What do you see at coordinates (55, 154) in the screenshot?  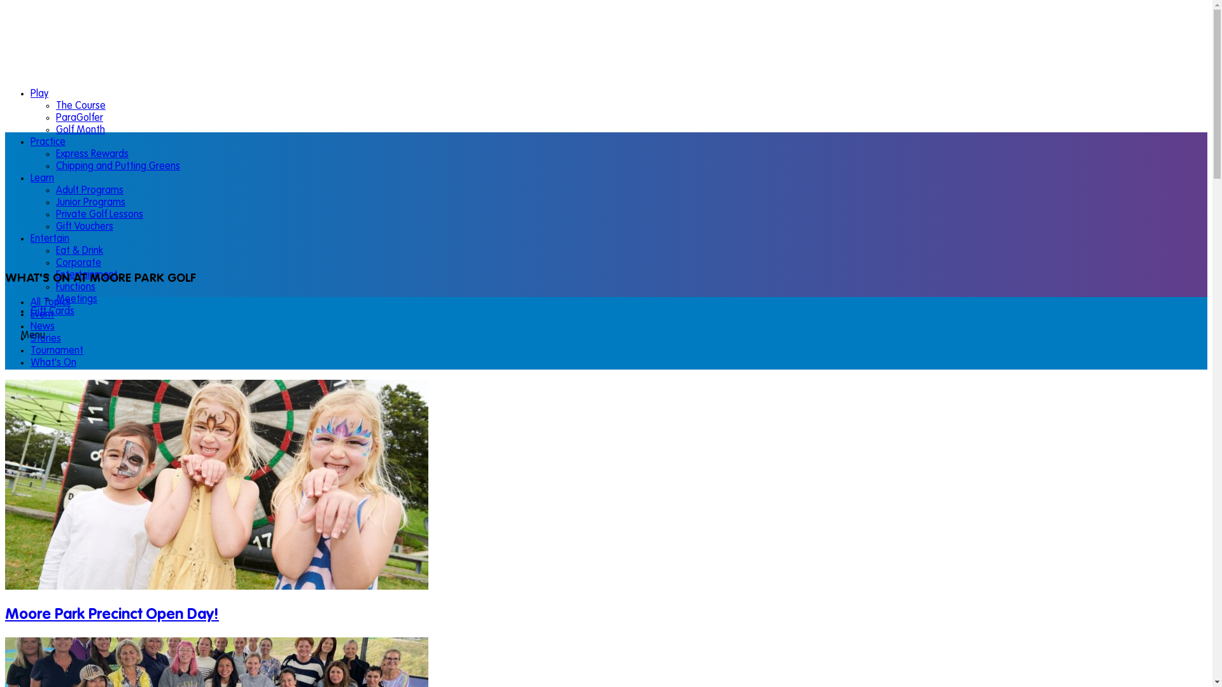 I see `'Express Rewards'` at bounding box center [55, 154].